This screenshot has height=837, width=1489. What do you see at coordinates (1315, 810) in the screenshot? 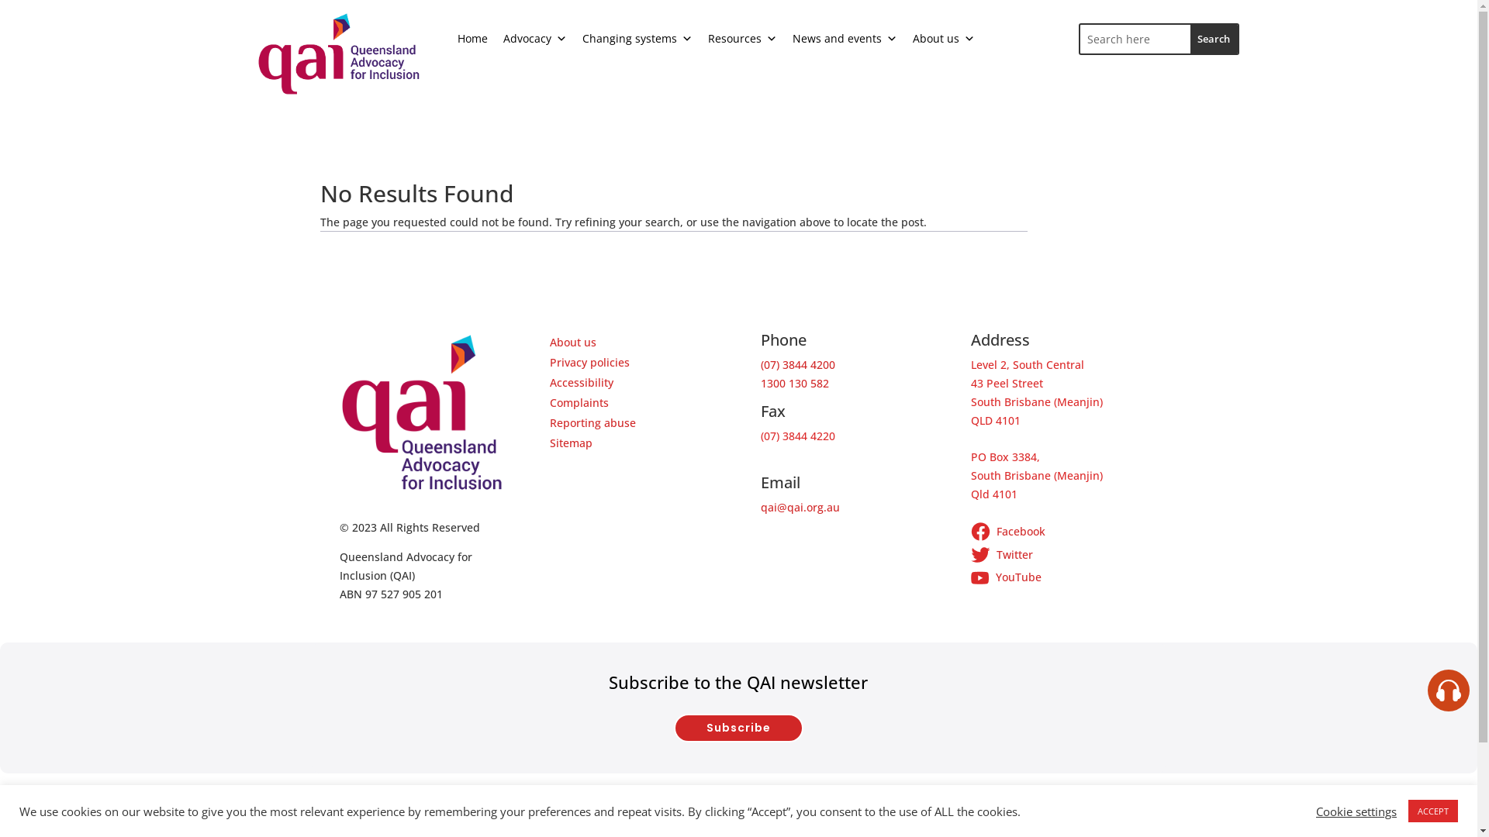
I see `'Cookie settings'` at bounding box center [1315, 810].